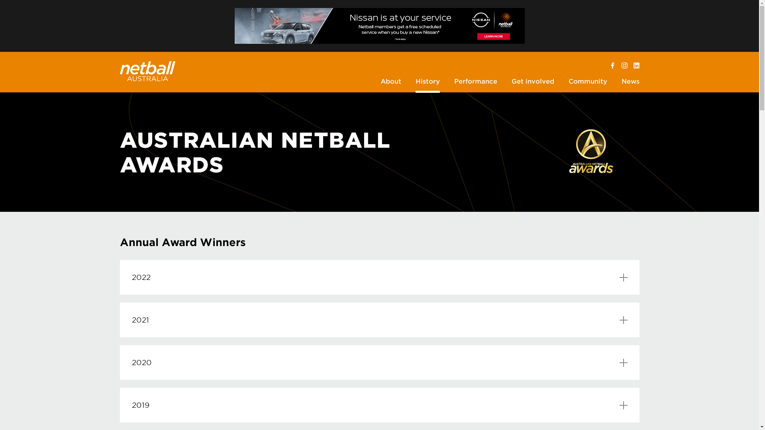 This screenshot has width=765, height=430. What do you see at coordinates (636, 65) in the screenshot?
I see `'Netball Australia on LinkedIn'` at bounding box center [636, 65].